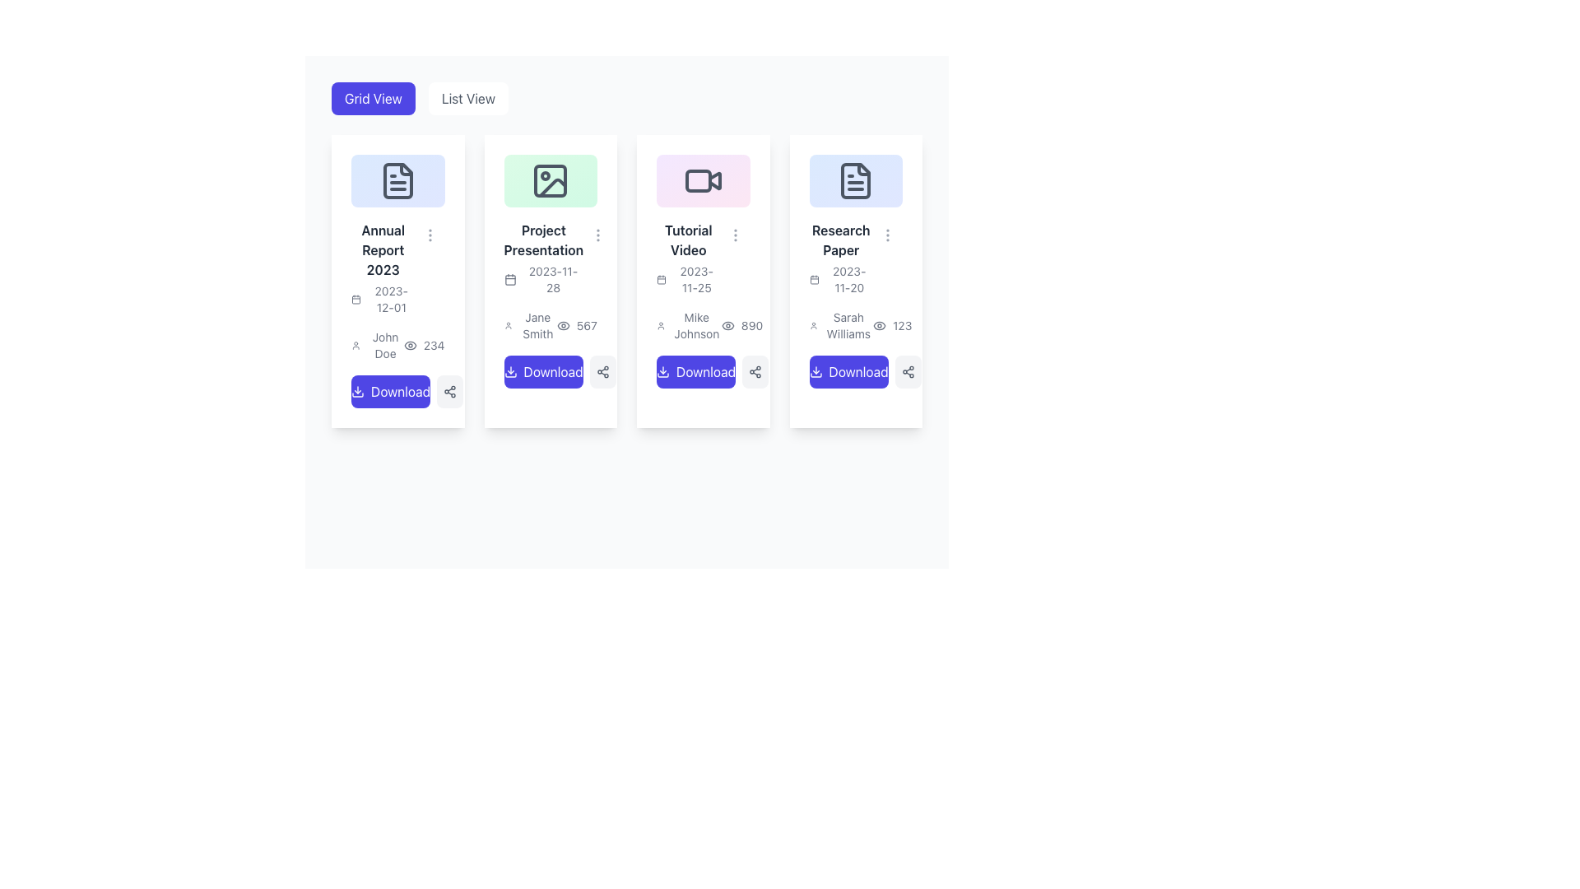  What do you see at coordinates (703, 371) in the screenshot?
I see `the 'Download' button for the 'Tutorial Video' file` at bounding box center [703, 371].